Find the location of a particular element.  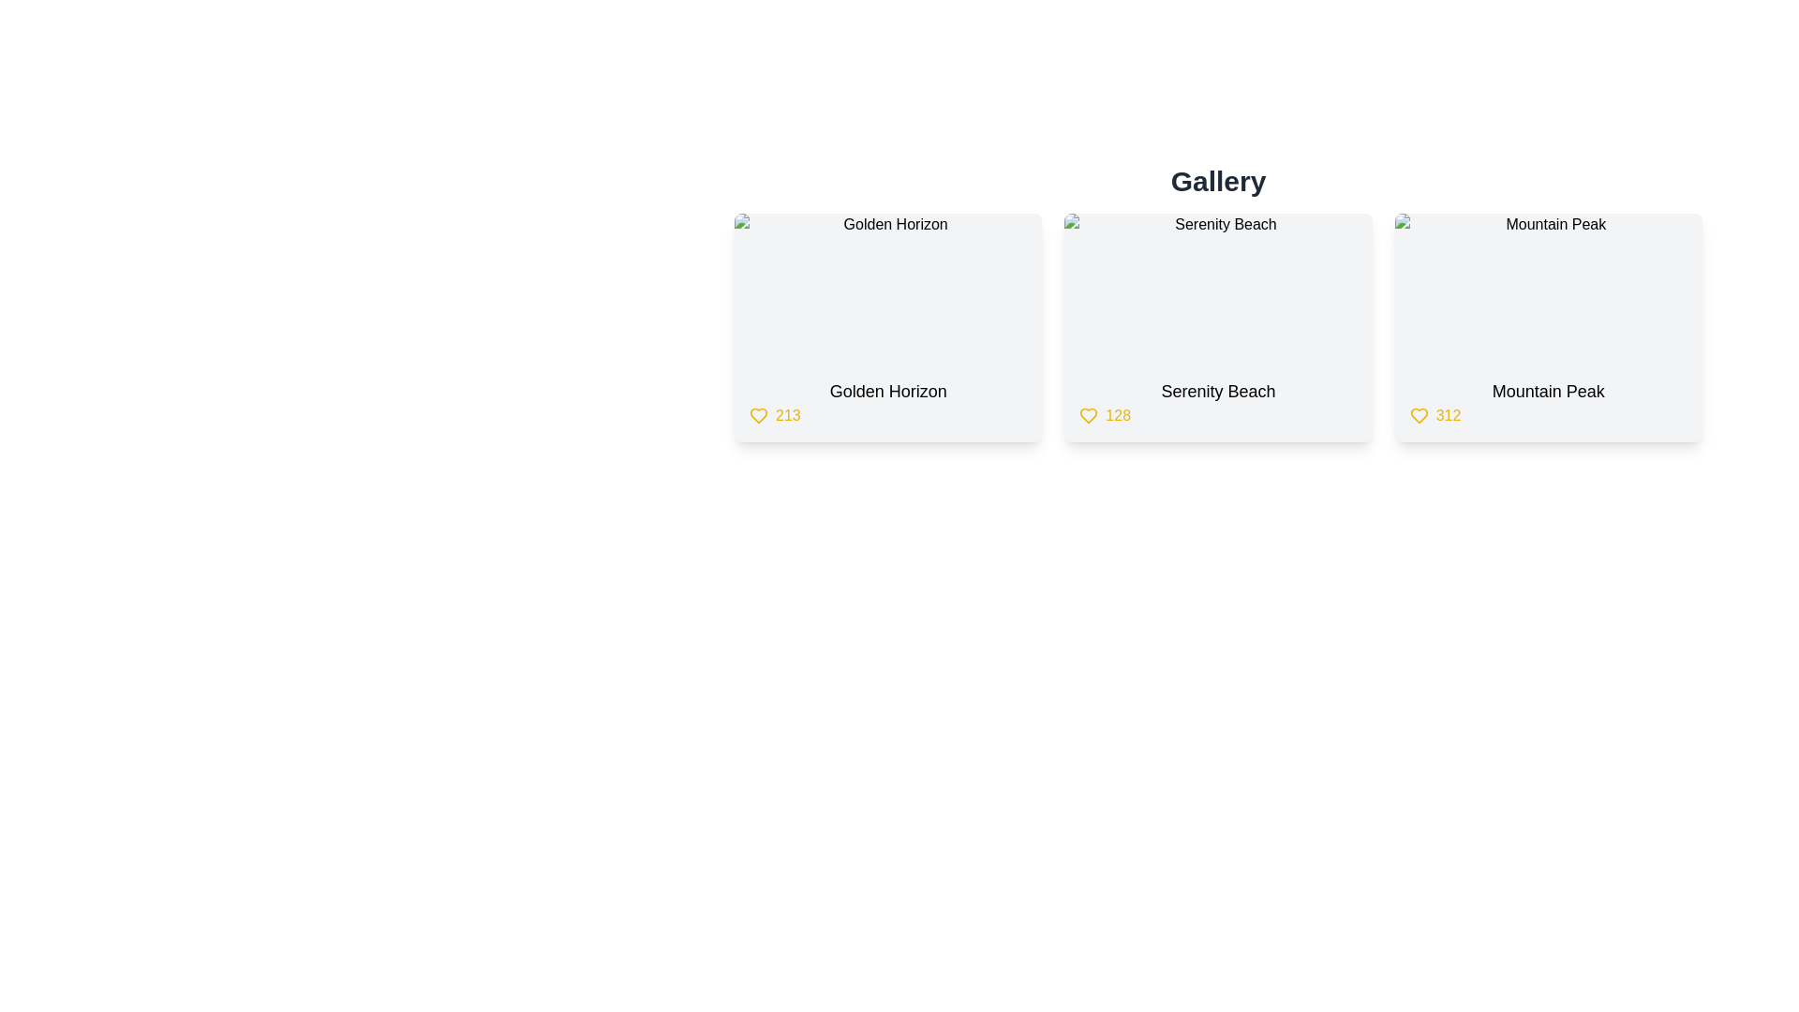

the text displaying the number of likes or favorites for the 'Mountain Peak' card, located at the bottom-left corner of the card is located at coordinates (1447, 414).